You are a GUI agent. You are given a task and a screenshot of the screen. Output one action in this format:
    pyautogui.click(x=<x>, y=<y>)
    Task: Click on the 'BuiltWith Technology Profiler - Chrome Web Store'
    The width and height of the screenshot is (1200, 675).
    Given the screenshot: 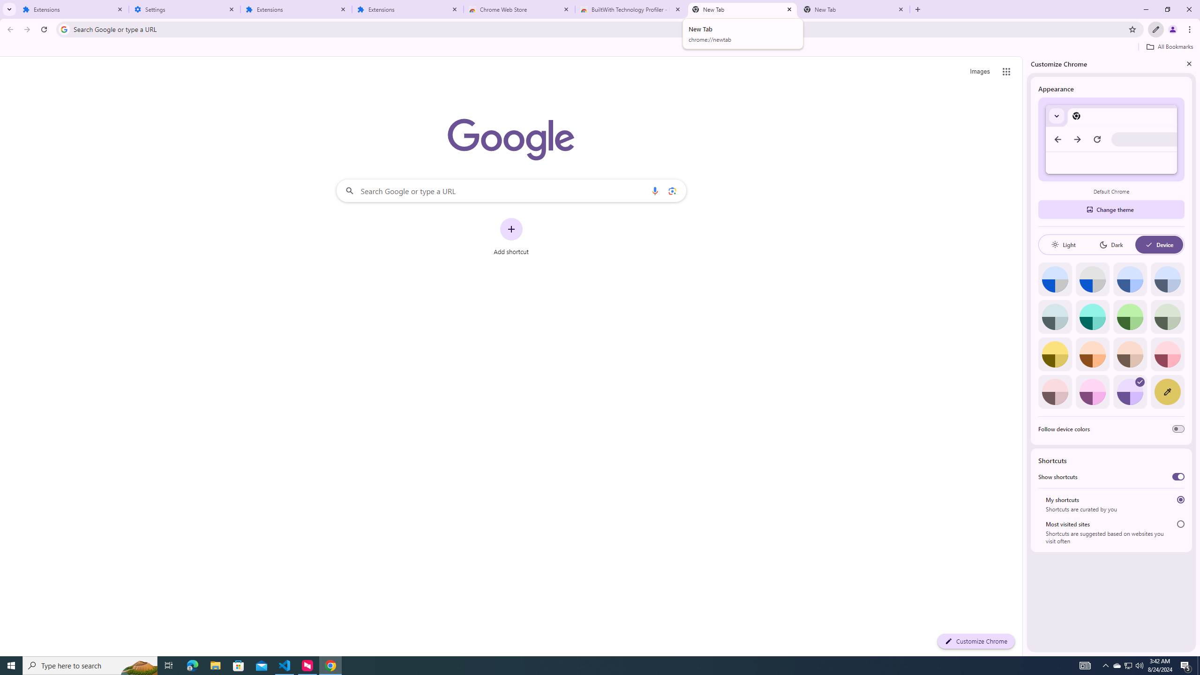 What is the action you would take?
    pyautogui.click(x=630, y=9)
    